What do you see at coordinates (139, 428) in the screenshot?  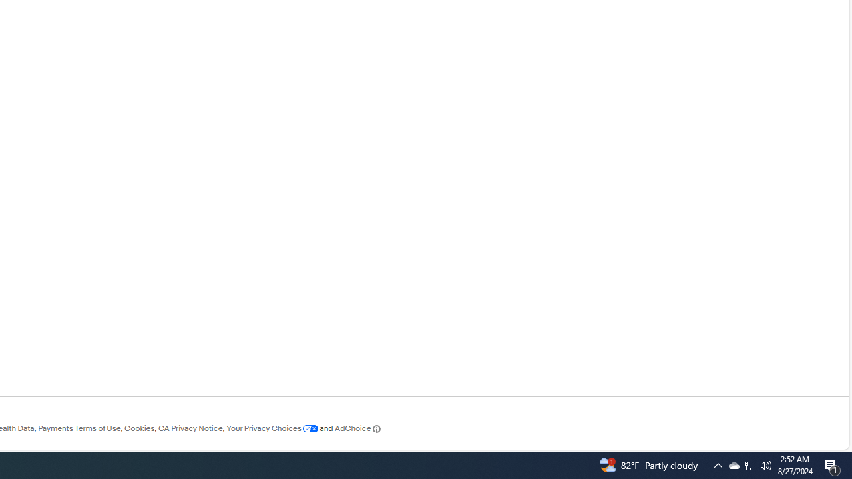 I see `'Cookies'` at bounding box center [139, 428].